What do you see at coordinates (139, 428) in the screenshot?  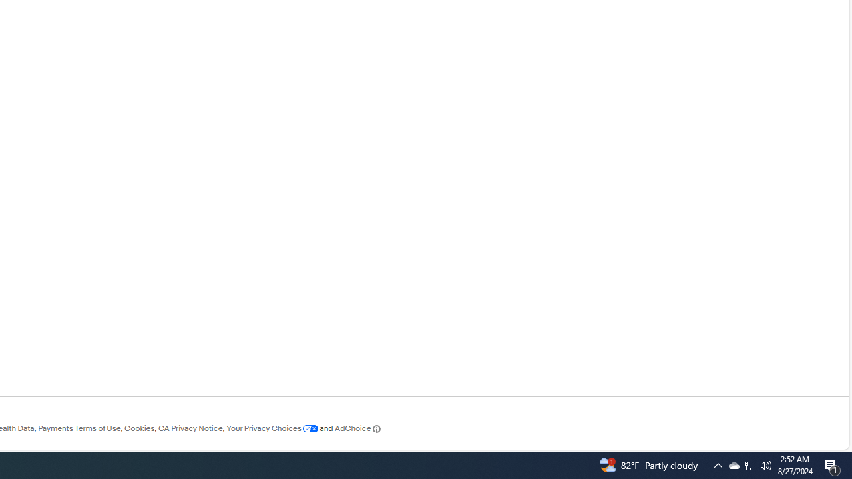 I see `'Cookies'` at bounding box center [139, 428].